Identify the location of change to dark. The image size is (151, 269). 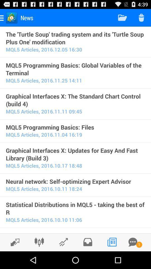
(13, 242).